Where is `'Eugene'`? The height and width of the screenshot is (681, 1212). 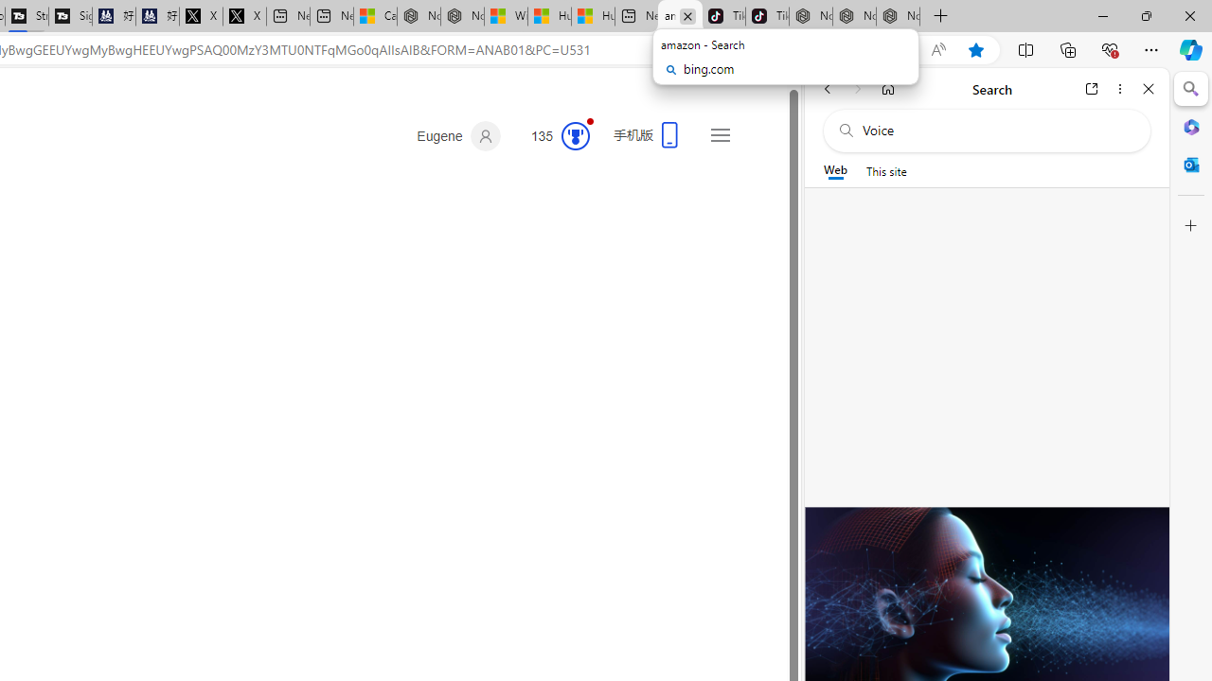 'Eugene' is located at coordinates (458, 135).